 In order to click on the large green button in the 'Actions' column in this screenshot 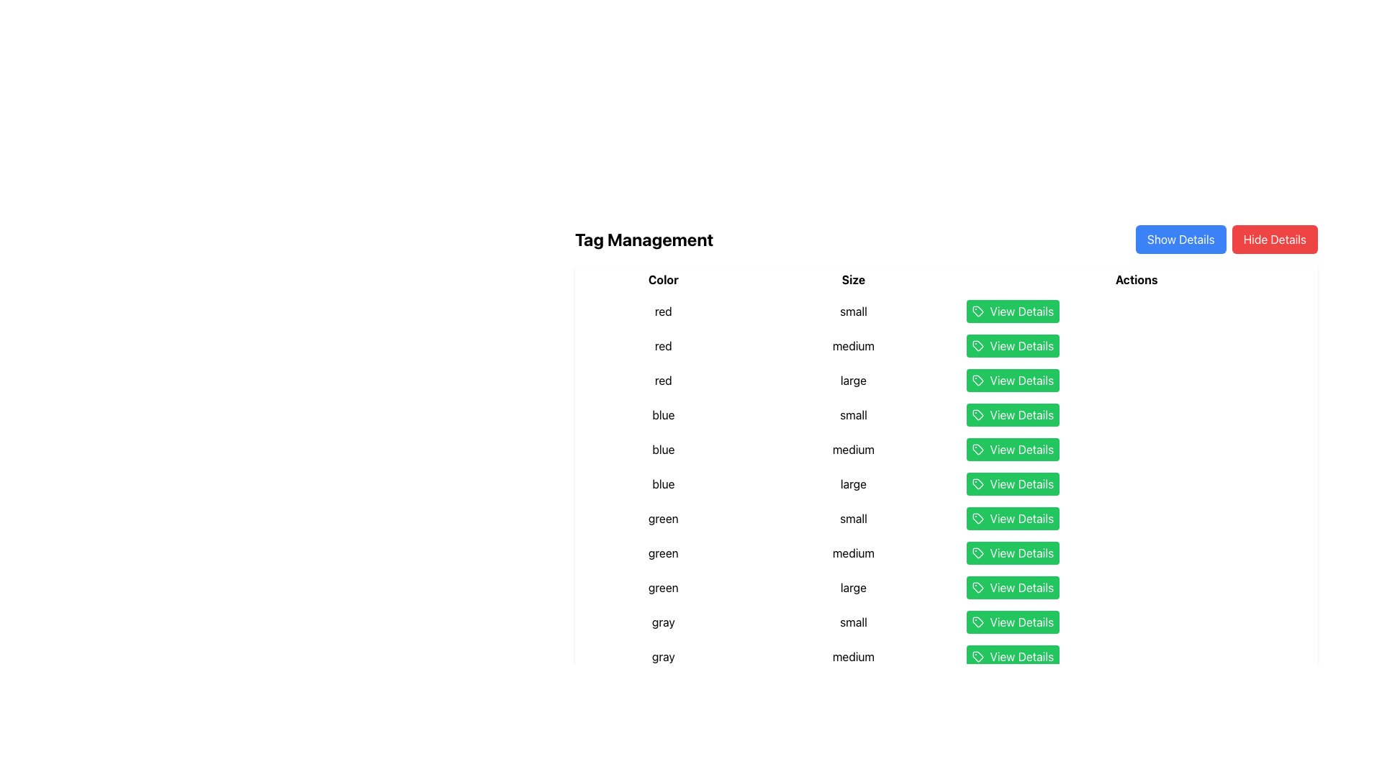, I will do `click(1012, 483)`.